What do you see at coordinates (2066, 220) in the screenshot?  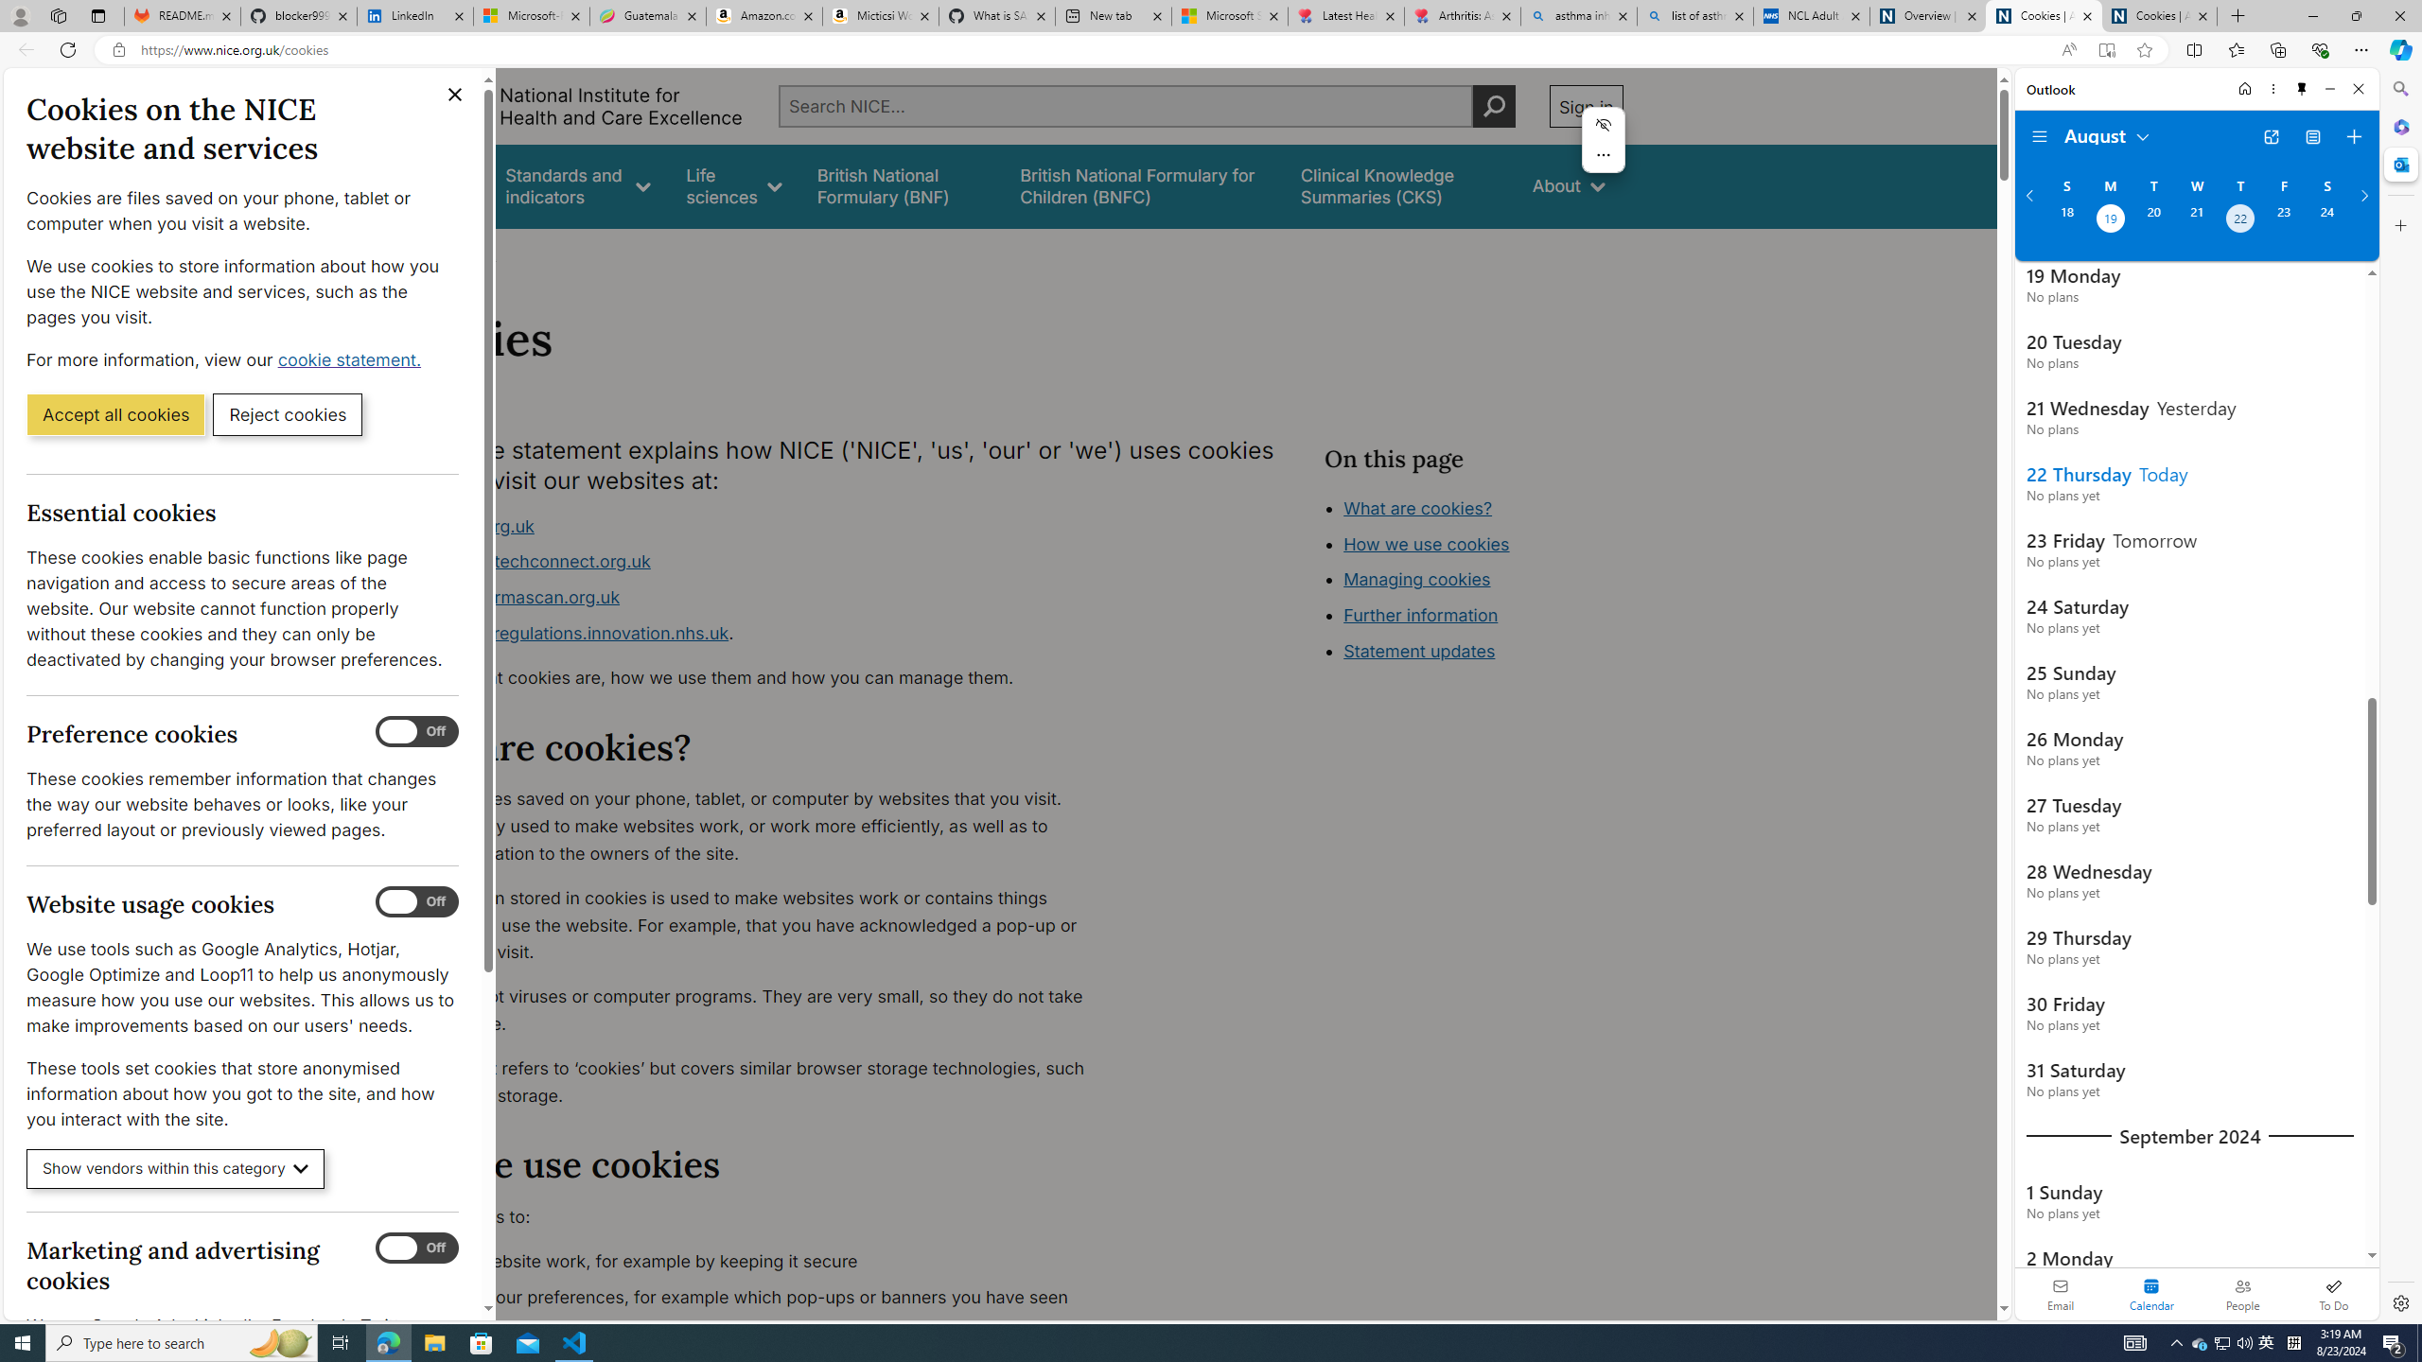 I see `'Sunday, August 18, 2024. '` at bounding box center [2066, 220].